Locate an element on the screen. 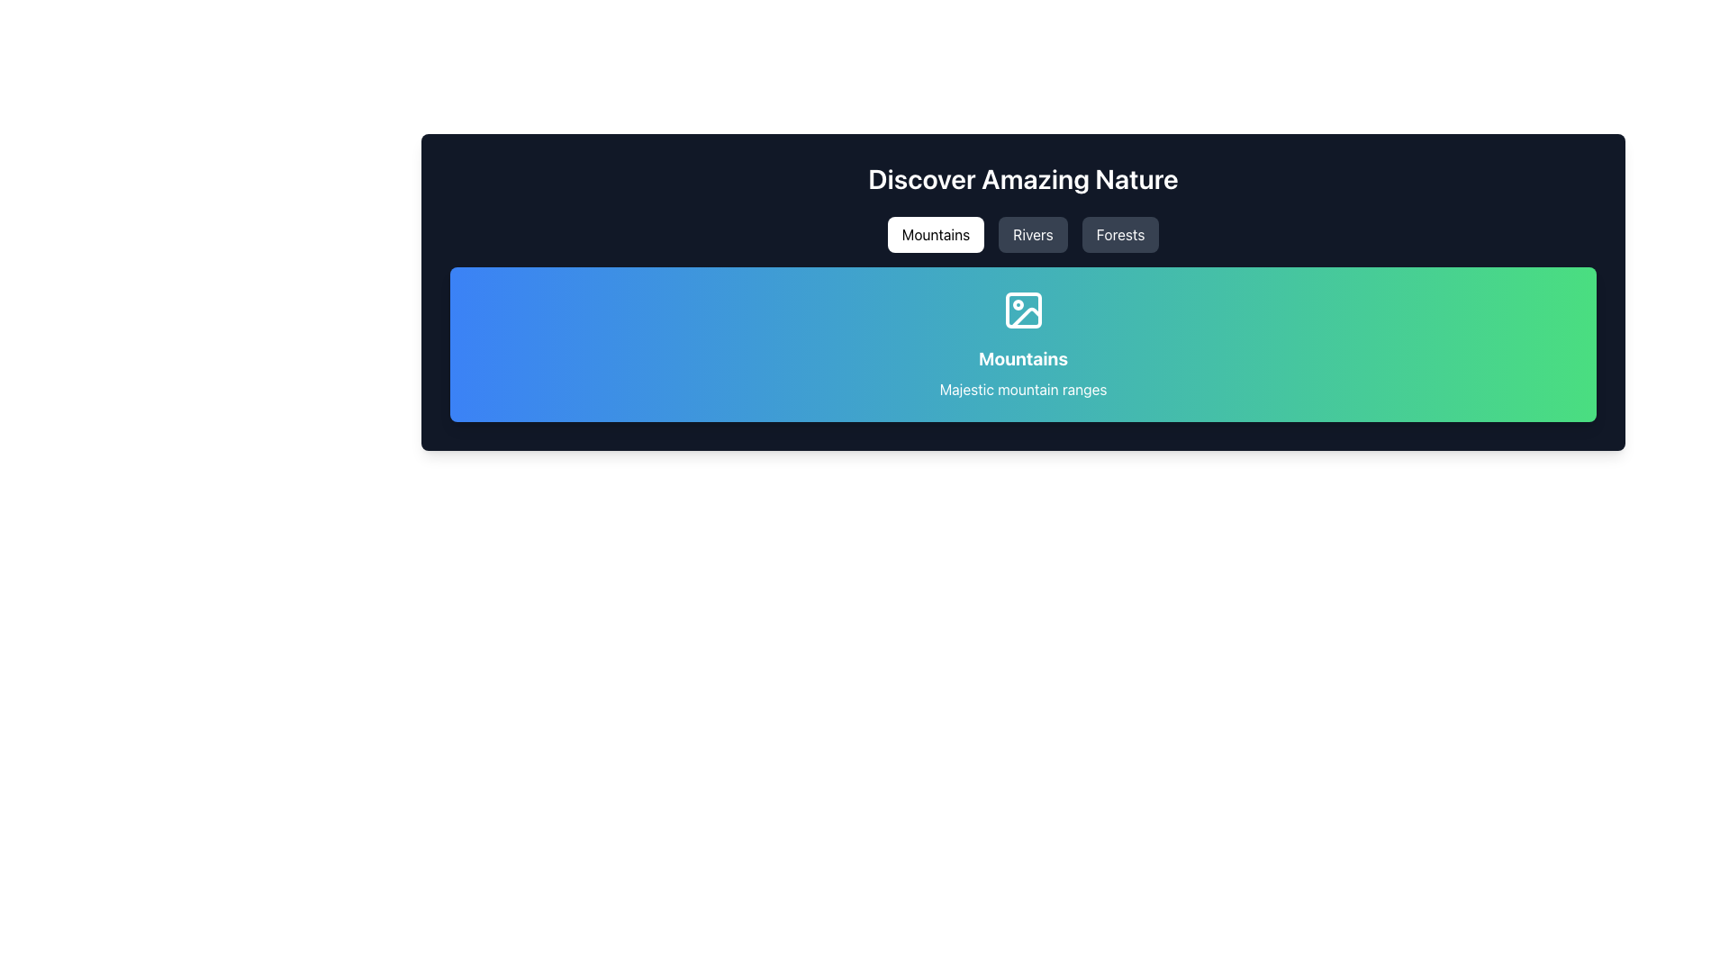 This screenshot has width=1729, height=972. the rounded rectangular button labeled 'Mountains' is located at coordinates (936, 234).